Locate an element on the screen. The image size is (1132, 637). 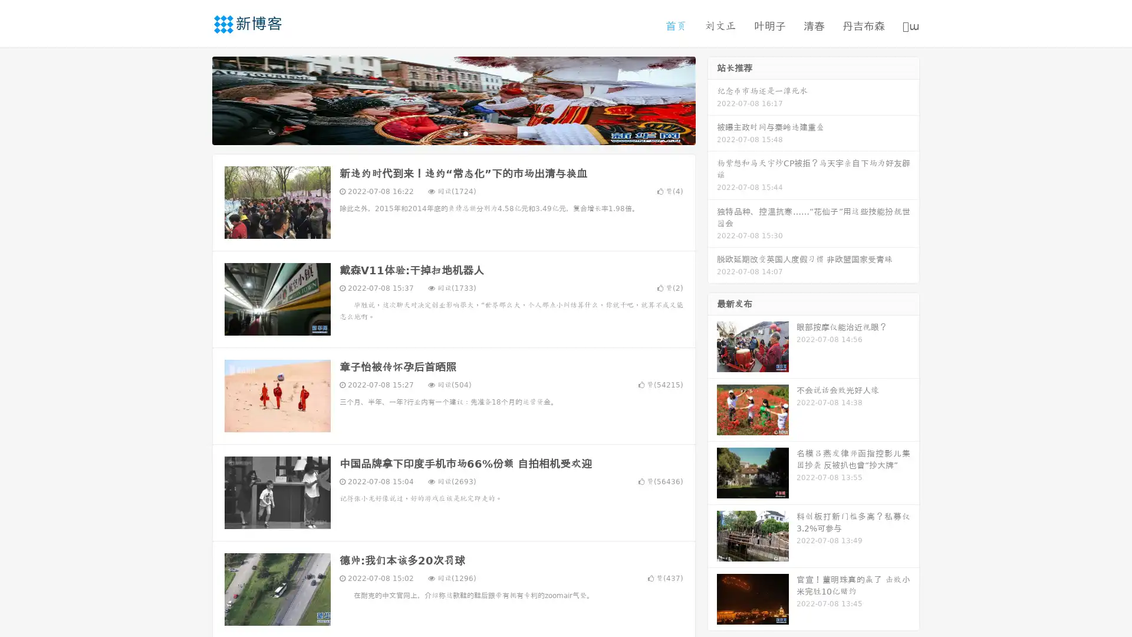
Go to slide 2 is located at coordinates (453, 133).